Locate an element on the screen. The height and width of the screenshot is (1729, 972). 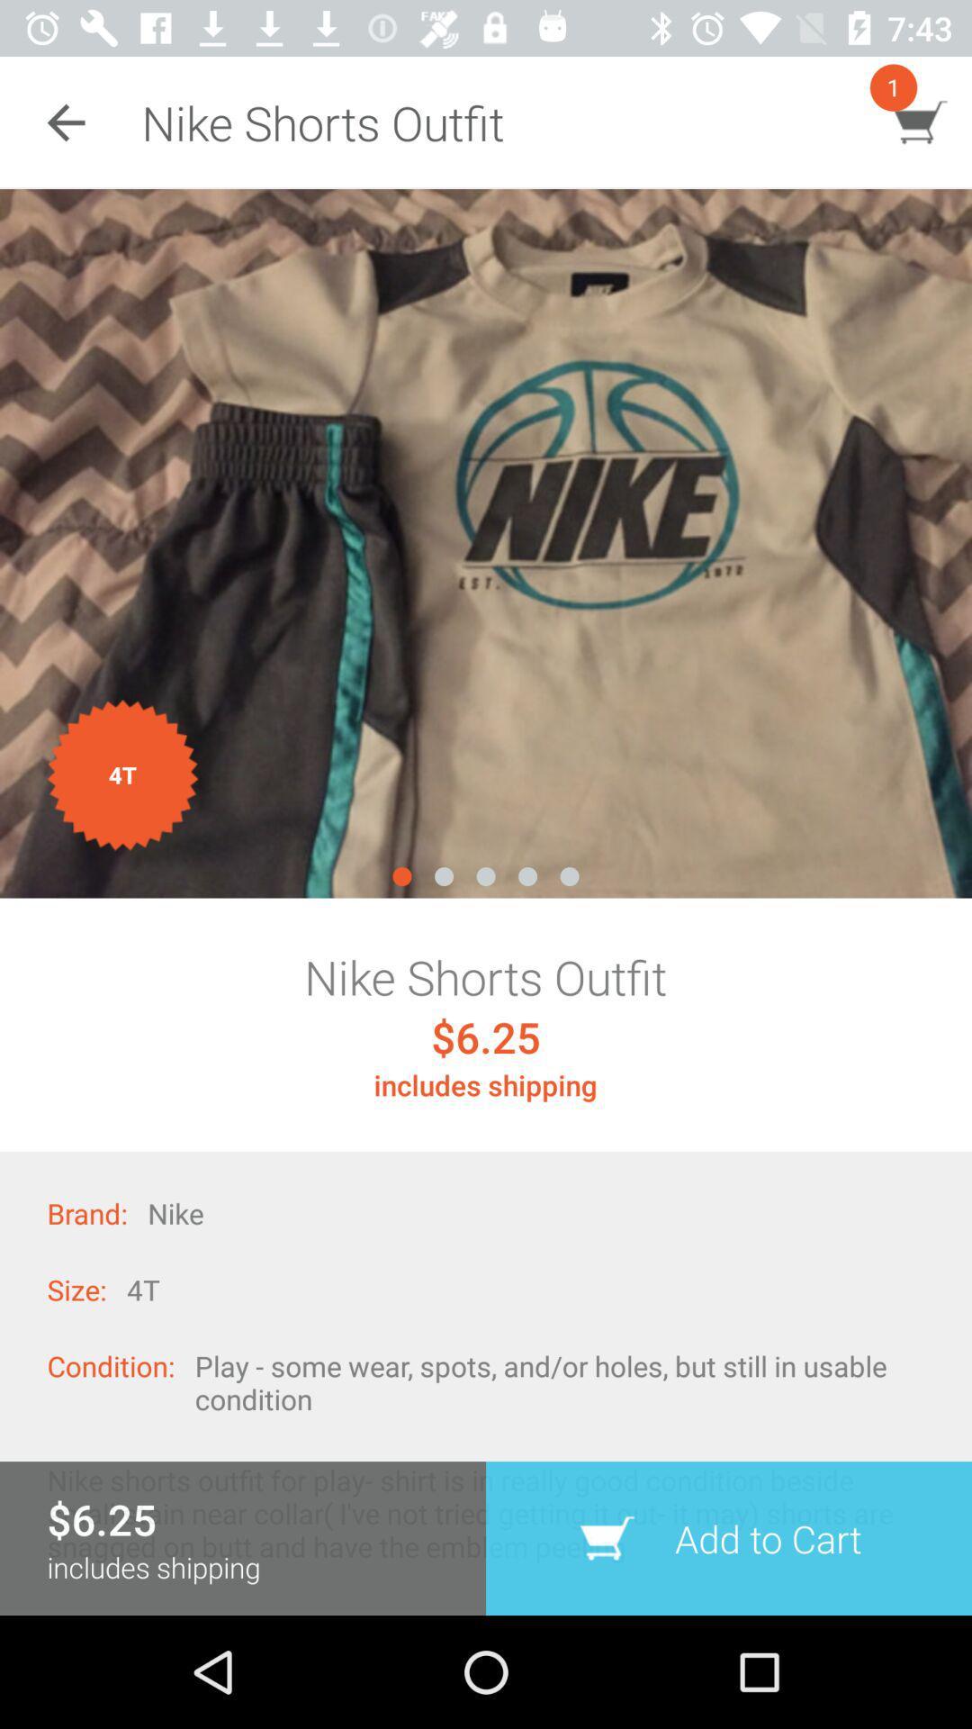
the icon below the play some wear is located at coordinates (729, 1537).